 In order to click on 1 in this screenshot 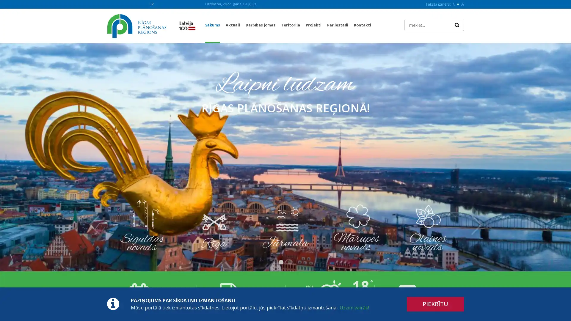, I will do `click(281, 262)`.